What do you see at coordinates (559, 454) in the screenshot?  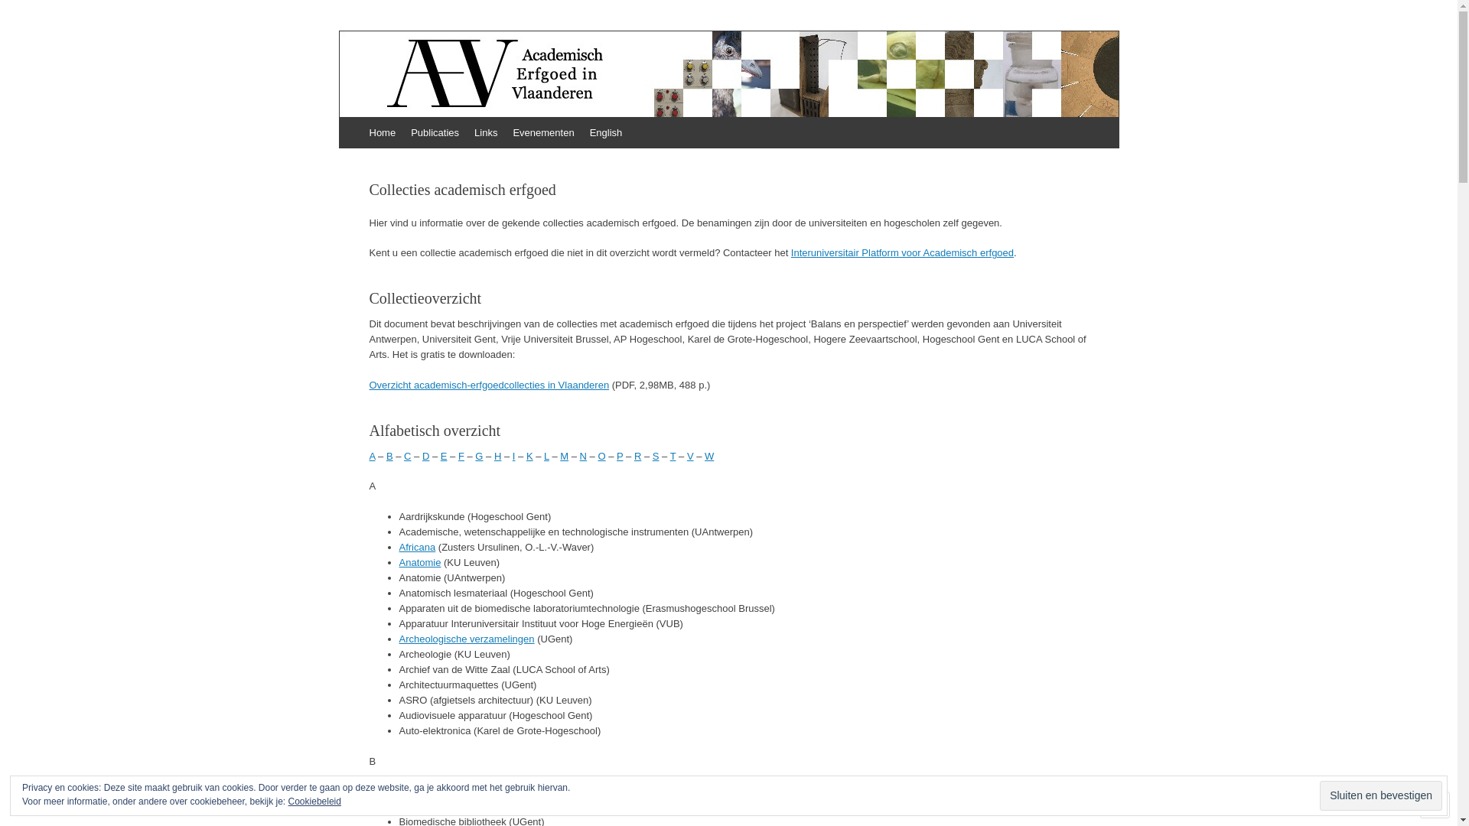 I see `'M'` at bounding box center [559, 454].